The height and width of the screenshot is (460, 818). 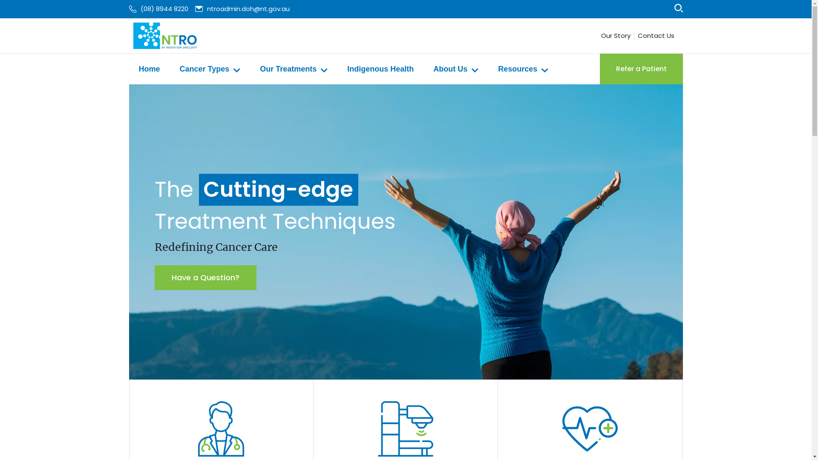 What do you see at coordinates (615, 35) in the screenshot?
I see `'Our Story'` at bounding box center [615, 35].